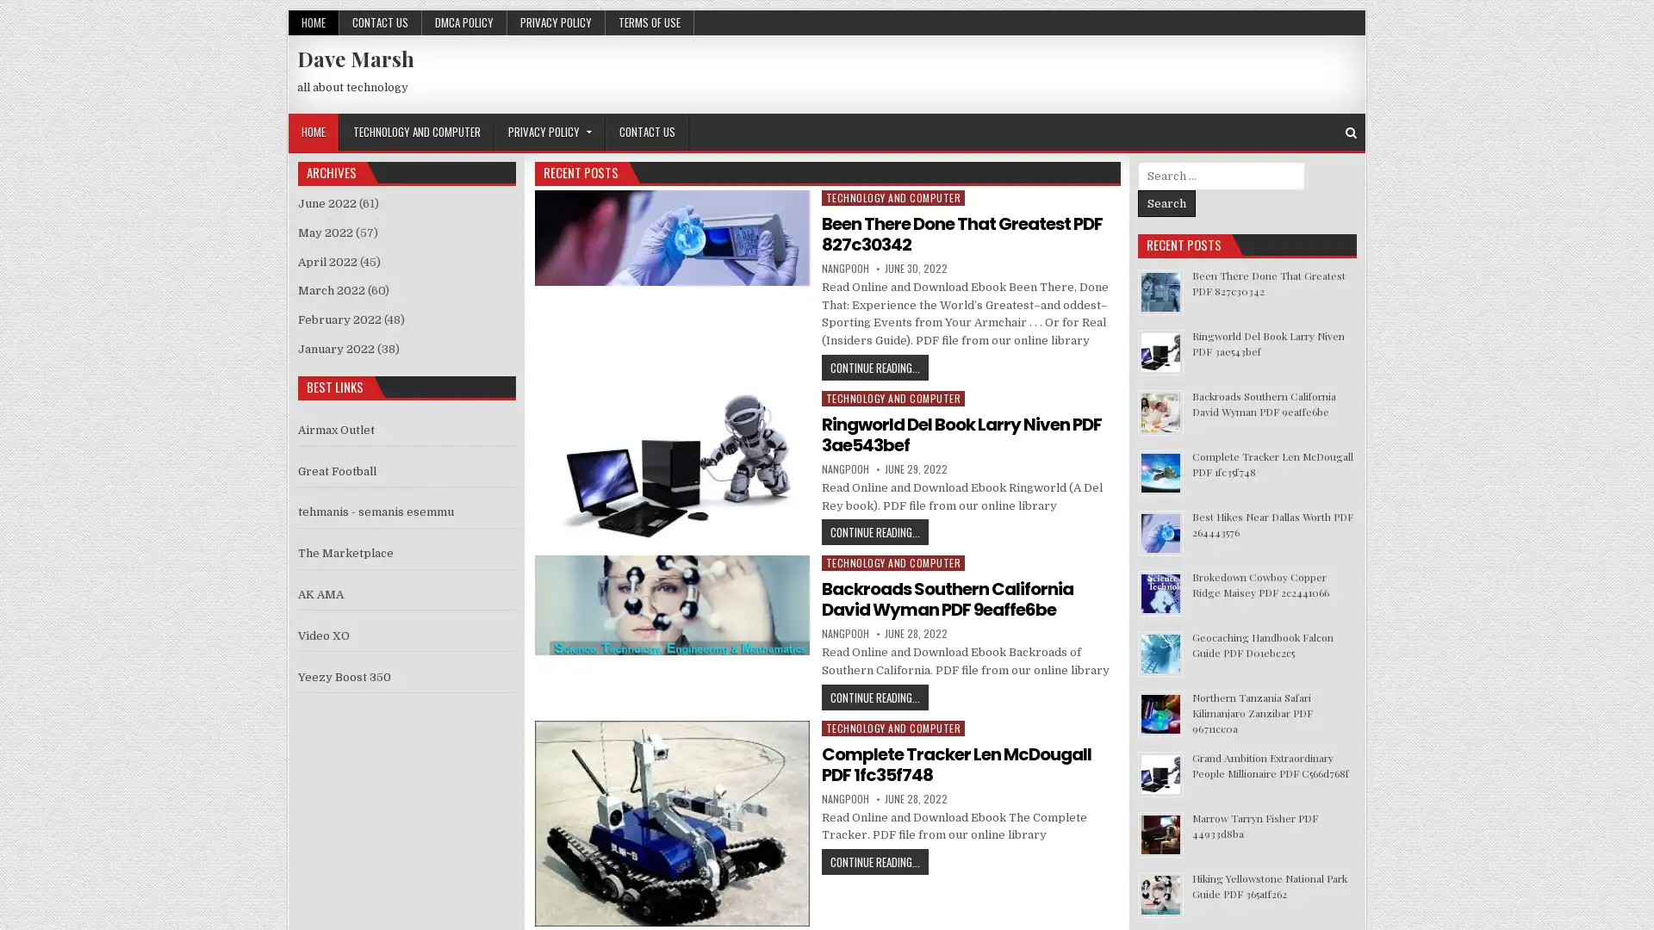  Describe the element at coordinates (1166, 202) in the screenshot. I see `Search` at that location.